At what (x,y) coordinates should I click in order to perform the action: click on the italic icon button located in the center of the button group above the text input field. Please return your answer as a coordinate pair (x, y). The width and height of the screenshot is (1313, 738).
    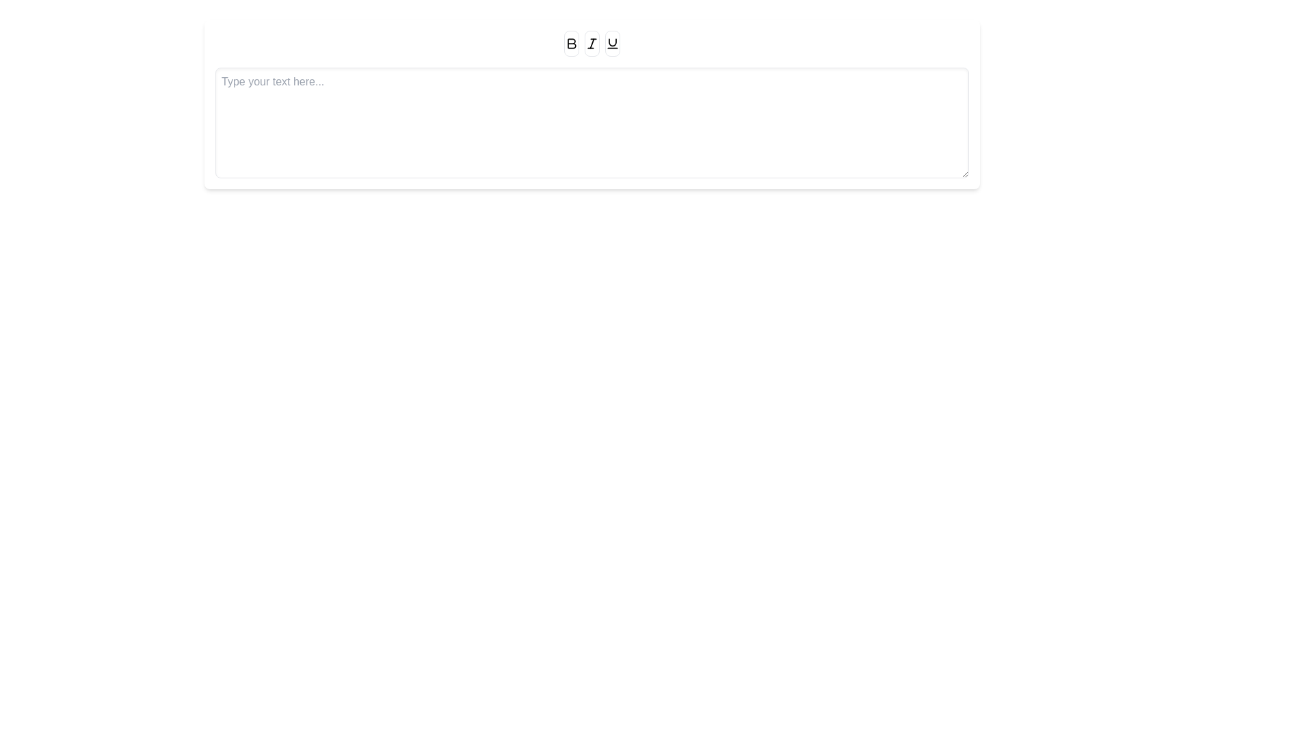
    Looking at the image, I should click on (592, 43).